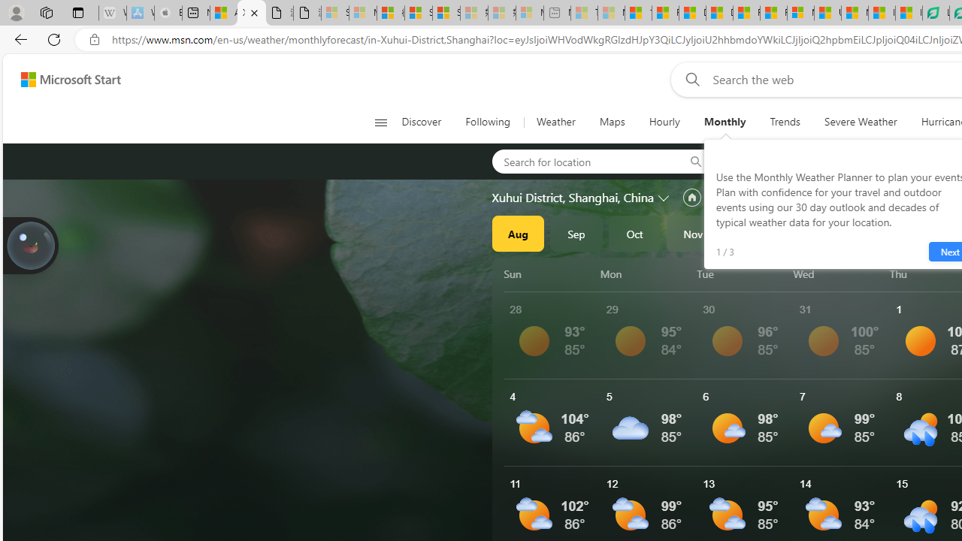 Image resolution: width=962 pixels, height=541 pixels. I want to click on 'Trends', so click(784, 122).